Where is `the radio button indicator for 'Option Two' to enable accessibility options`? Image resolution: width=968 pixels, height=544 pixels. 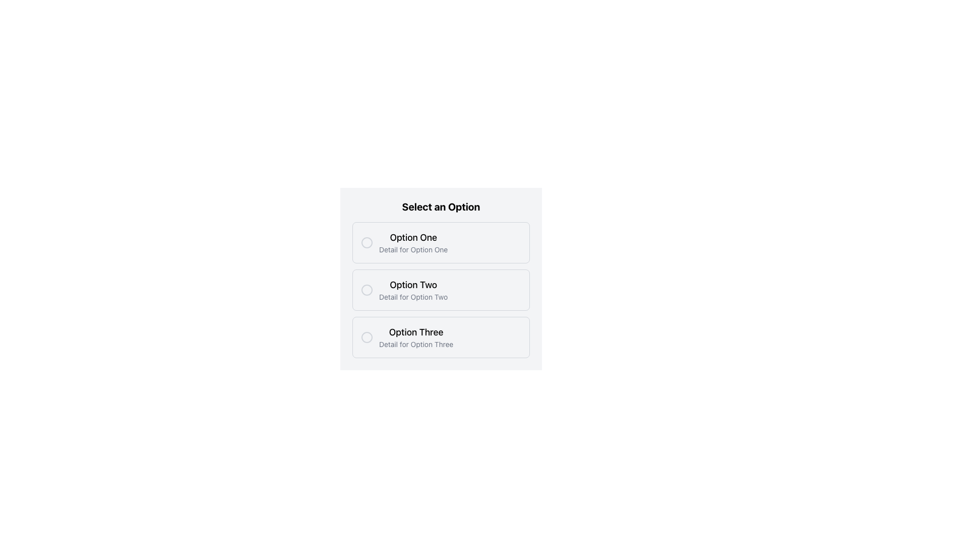 the radio button indicator for 'Option Two' to enable accessibility options is located at coordinates (367, 290).